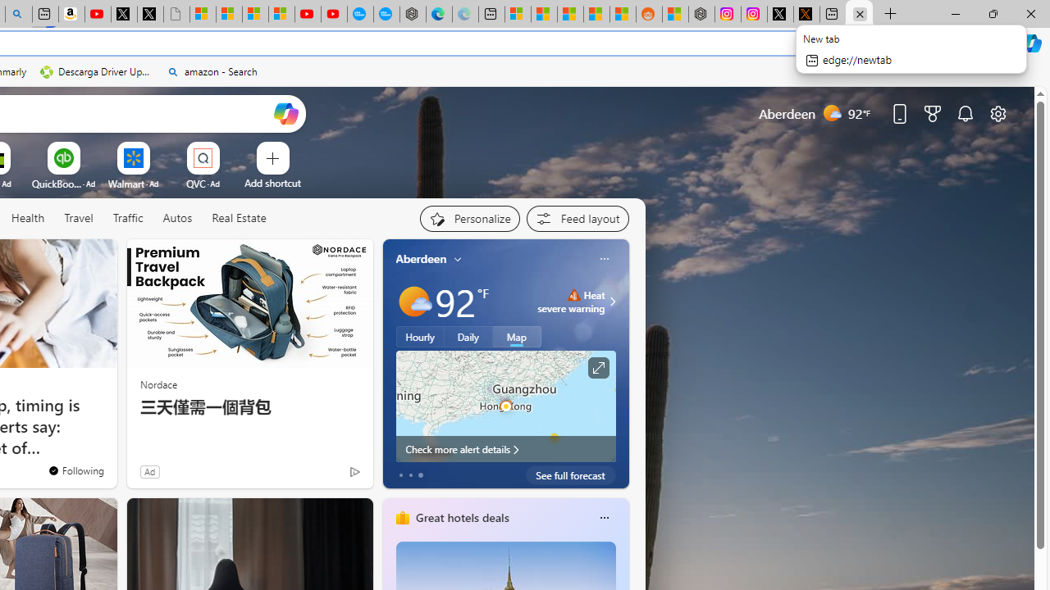  What do you see at coordinates (386, 14) in the screenshot?
I see `'The most popular Google '` at bounding box center [386, 14].